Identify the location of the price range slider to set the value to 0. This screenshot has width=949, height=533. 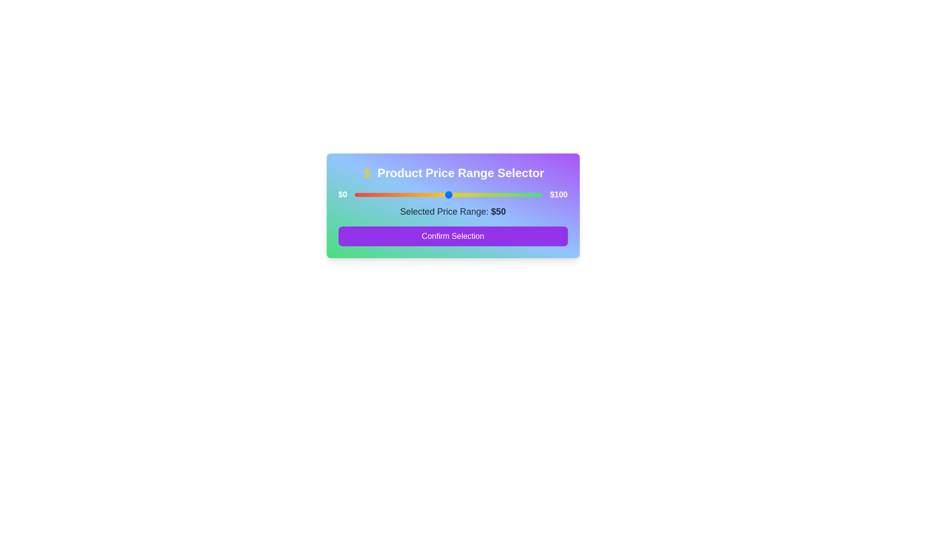
(355, 194).